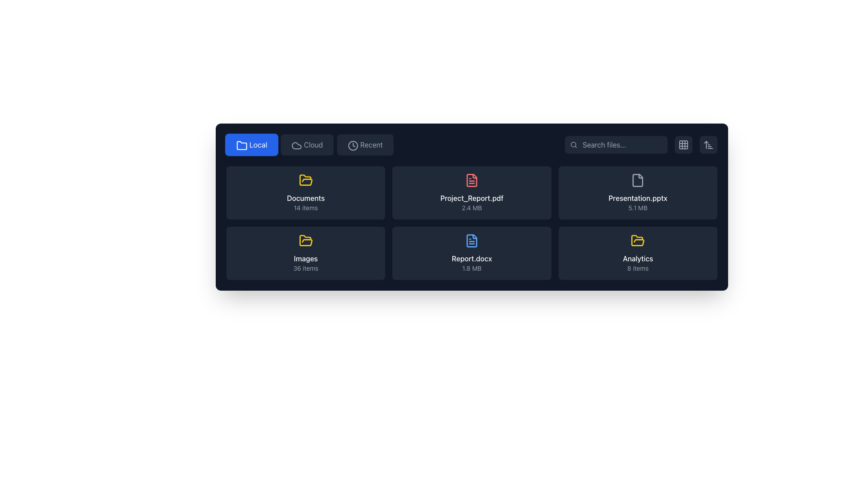 This screenshot has height=480, width=854. I want to click on the folder icon in the 'Local' tab, so click(242, 145).